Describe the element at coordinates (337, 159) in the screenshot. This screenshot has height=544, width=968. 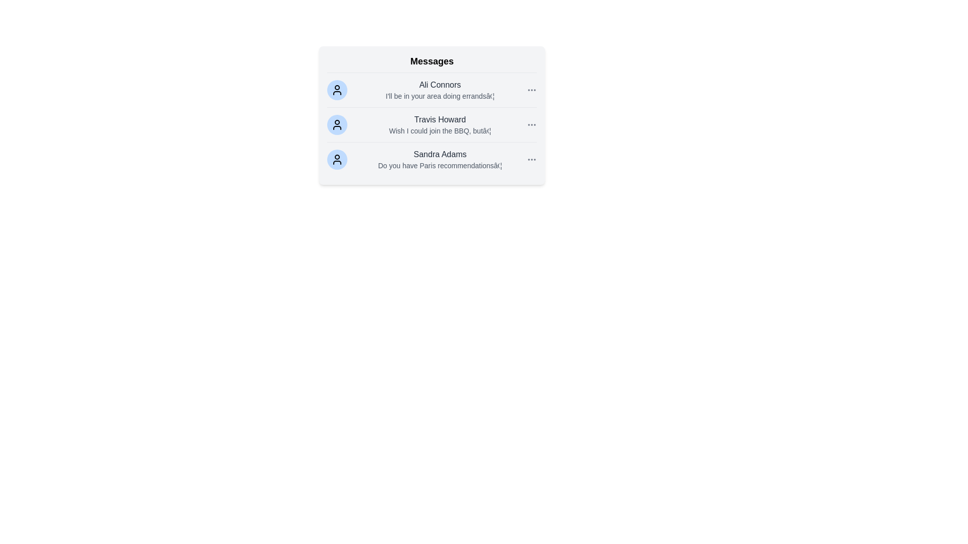
I see `the user icon representing Sandra Adams, which is located in the third row of a list within a card, on the left side next to her name and message details` at that location.